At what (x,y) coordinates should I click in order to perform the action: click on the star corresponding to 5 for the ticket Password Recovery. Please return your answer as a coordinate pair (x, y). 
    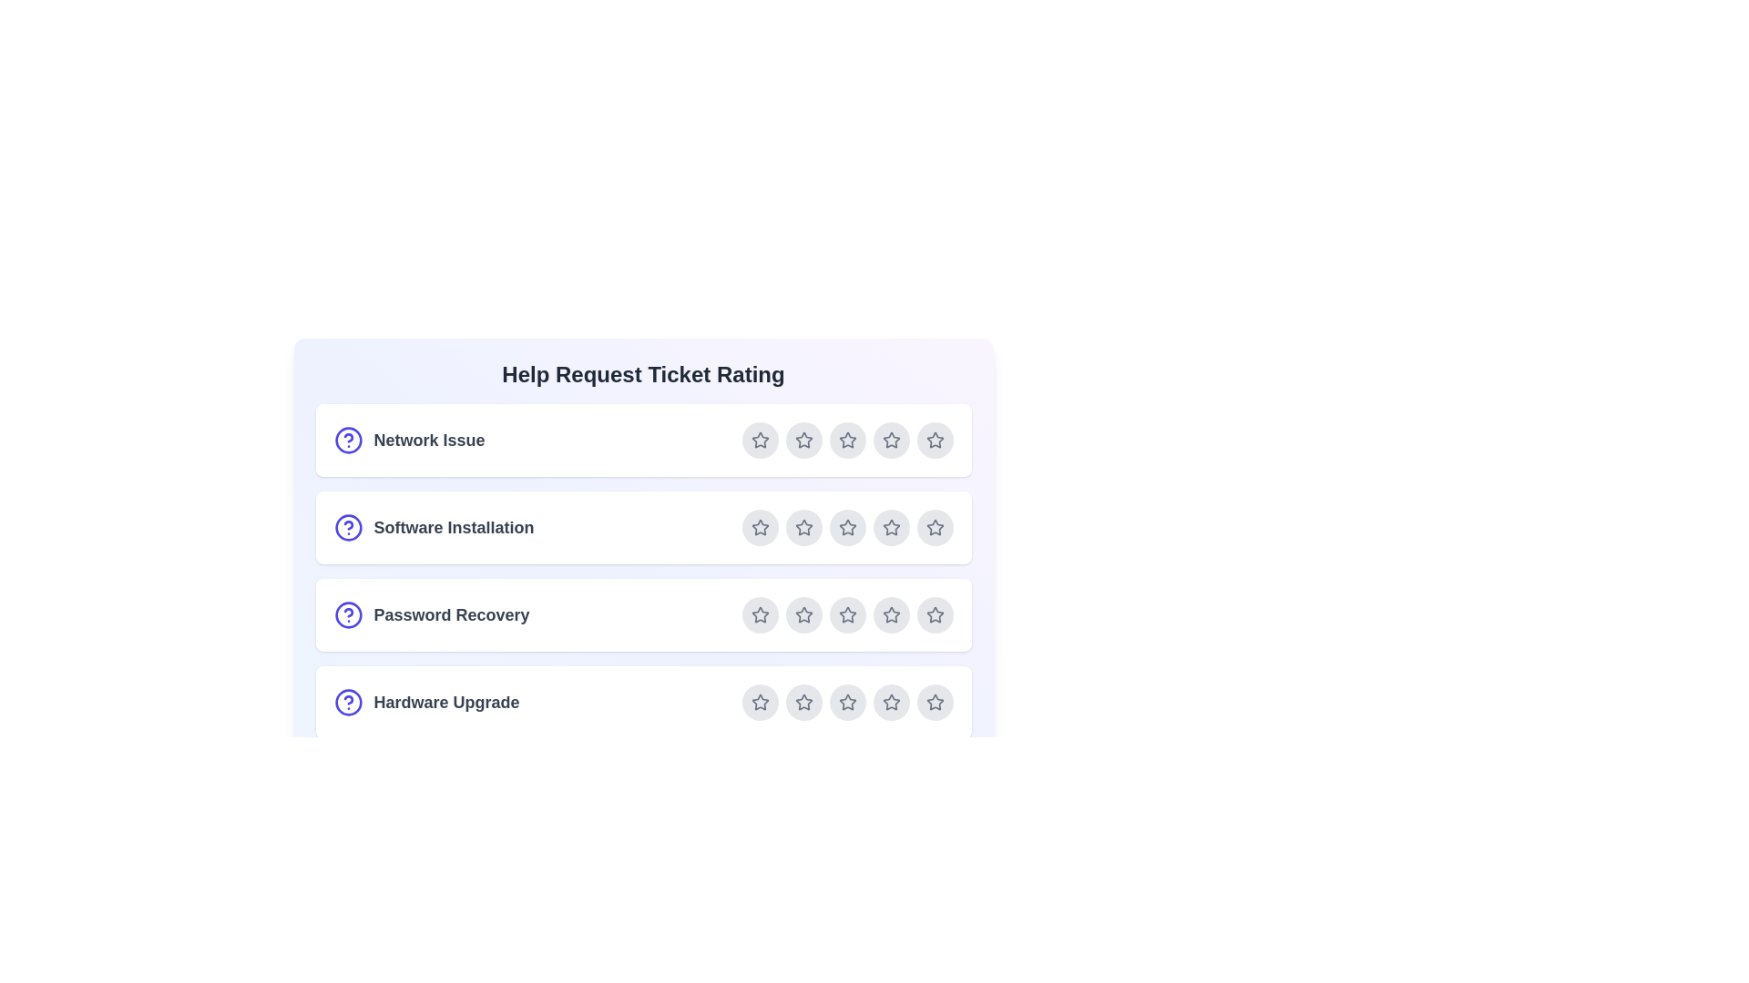
    Looking at the image, I should click on (935, 614).